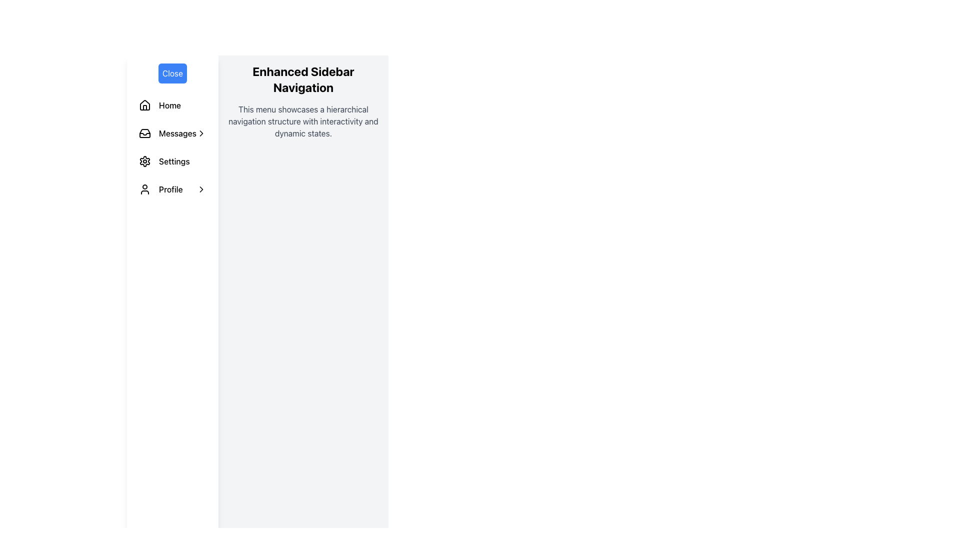  I want to click on the 'Home' icon in the navigation menu, which is the second icon following the door icon, so click(144, 104).